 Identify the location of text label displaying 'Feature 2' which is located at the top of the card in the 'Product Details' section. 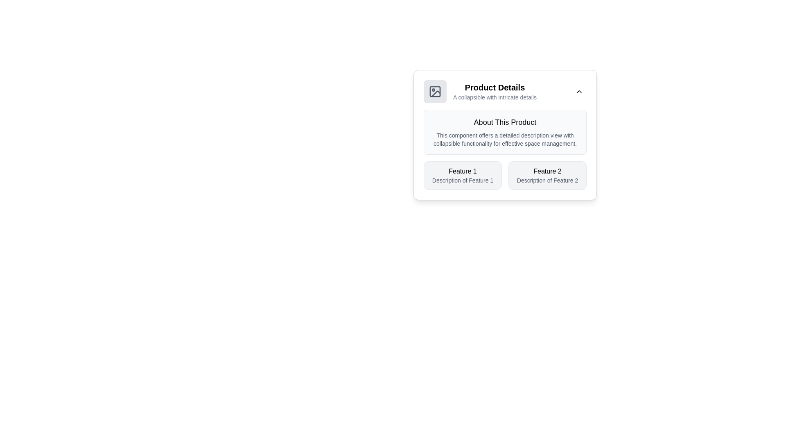
(547, 171).